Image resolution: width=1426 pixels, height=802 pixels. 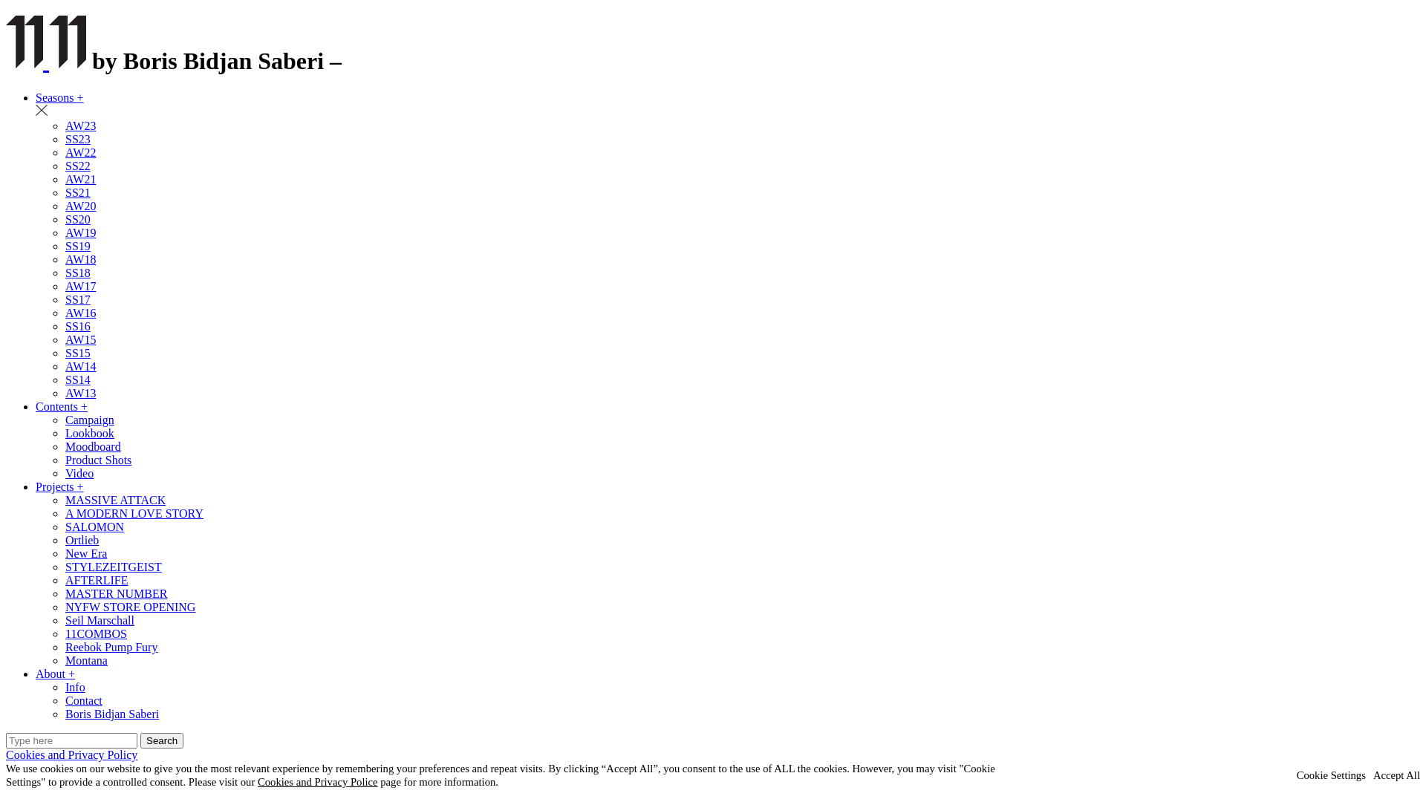 I want to click on 'Product Shots', so click(x=97, y=459).